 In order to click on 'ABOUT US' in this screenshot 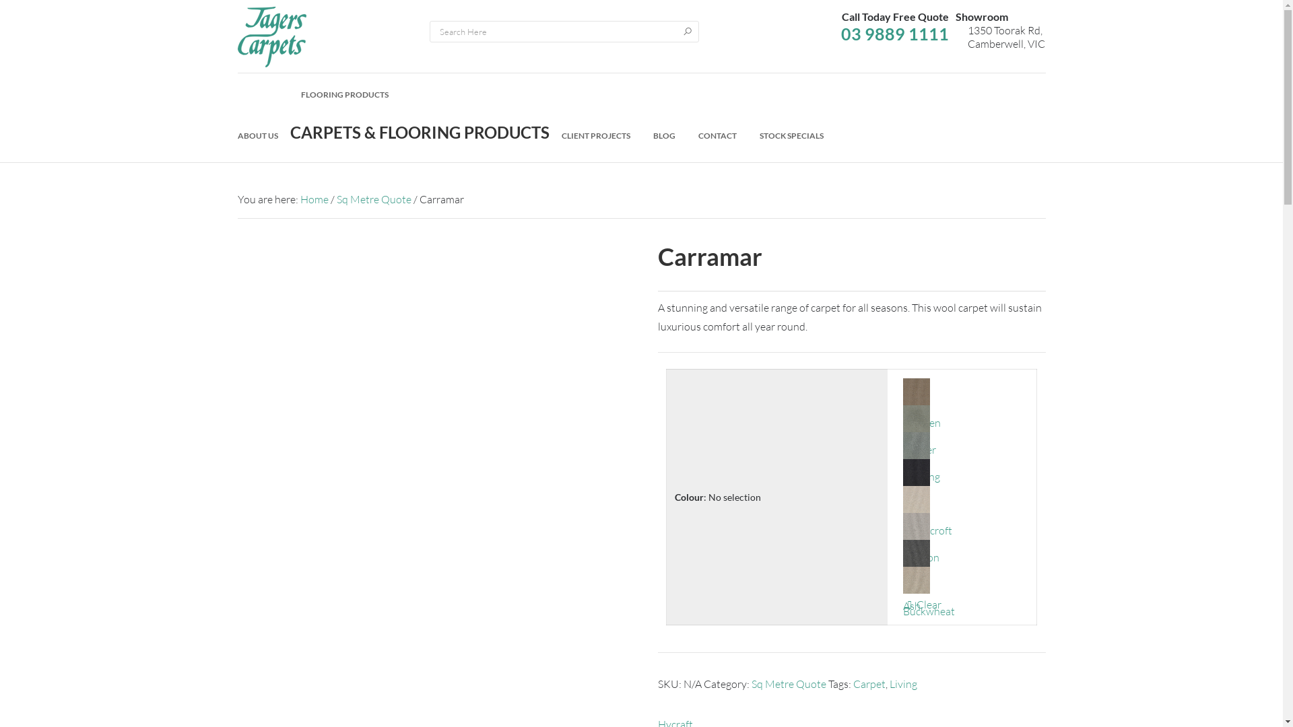, I will do `click(257, 135)`.